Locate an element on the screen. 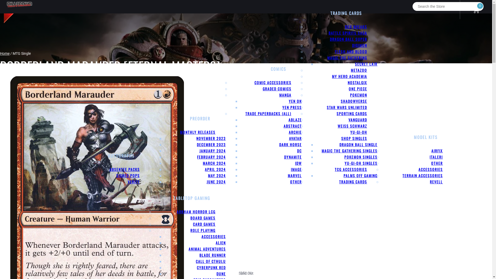 The image size is (496, 279). 'MANGA' is located at coordinates (285, 95).